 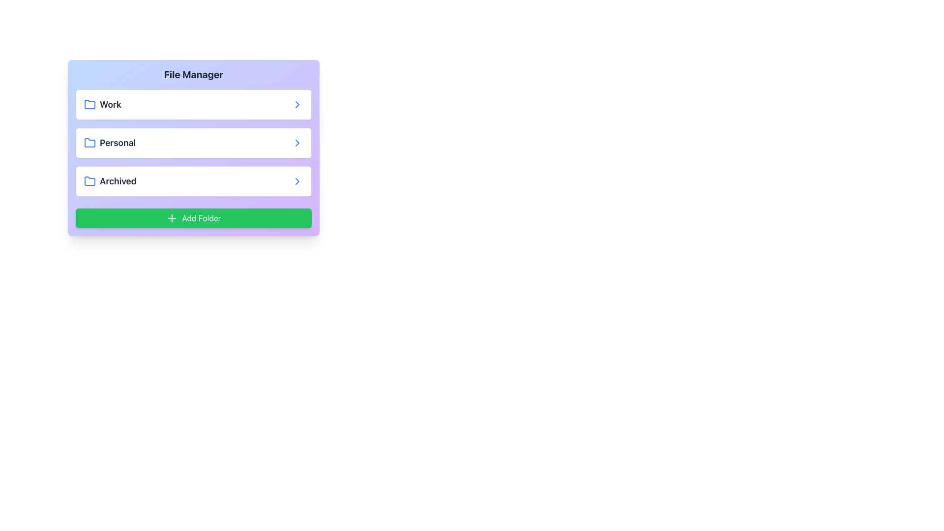 What do you see at coordinates (193, 104) in the screenshot?
I see `the 'Work' button at the top of the list in the File Manager` at bounding box center [193, 104].